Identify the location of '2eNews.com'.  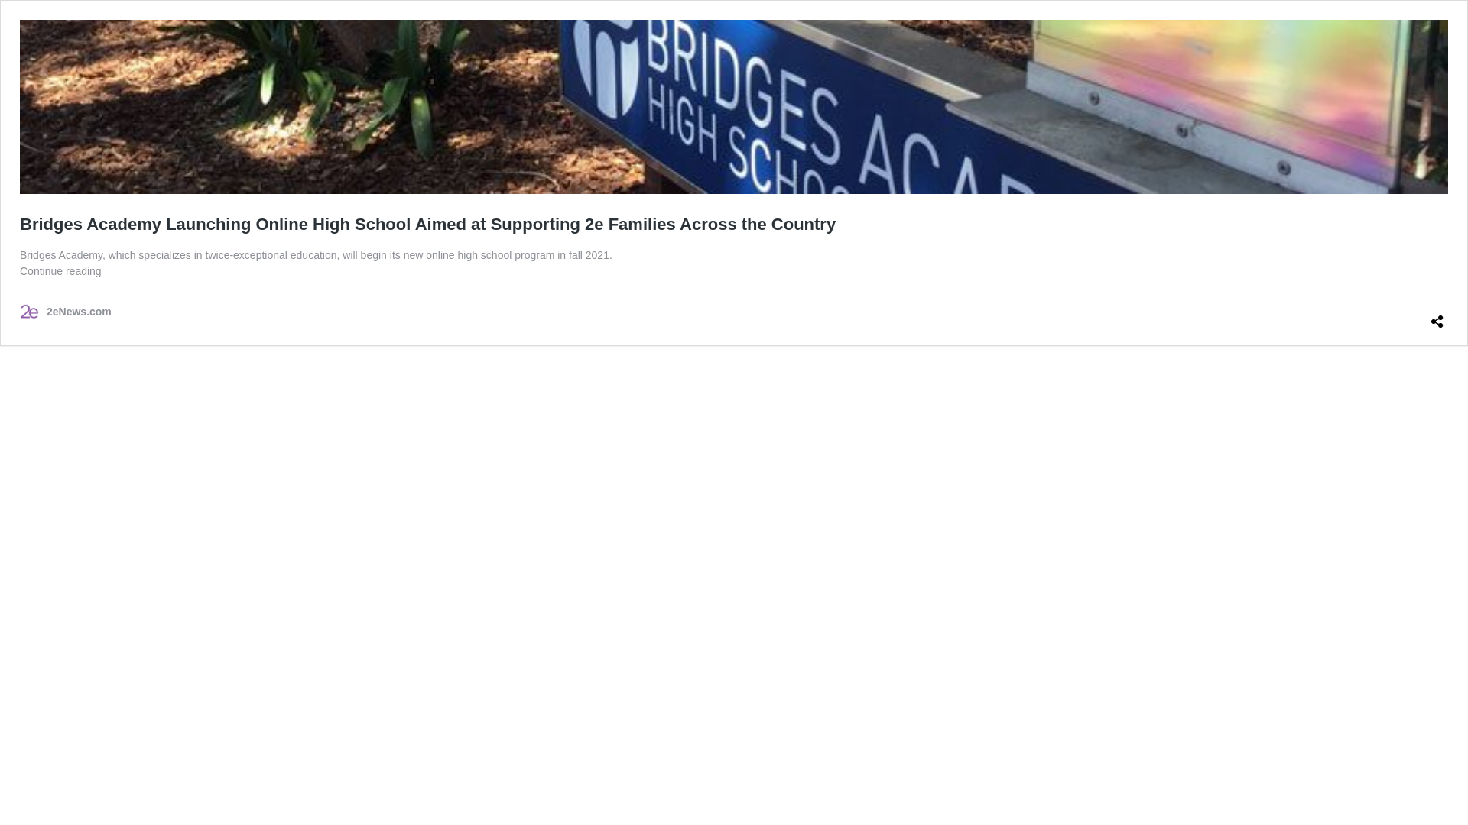
(19, 311).